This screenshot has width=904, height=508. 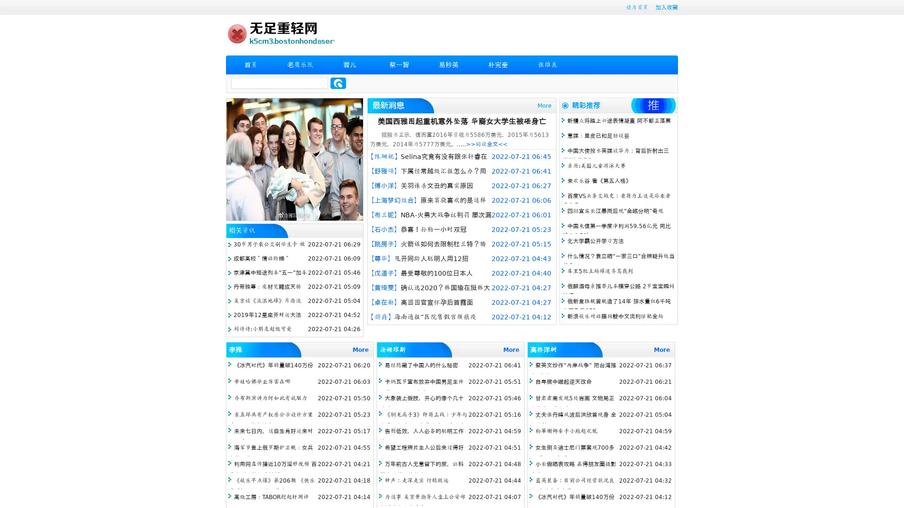 What do you see at coordinates (338, 83) in the screenshot?
I see `Search` at bounding box center [338, 83].